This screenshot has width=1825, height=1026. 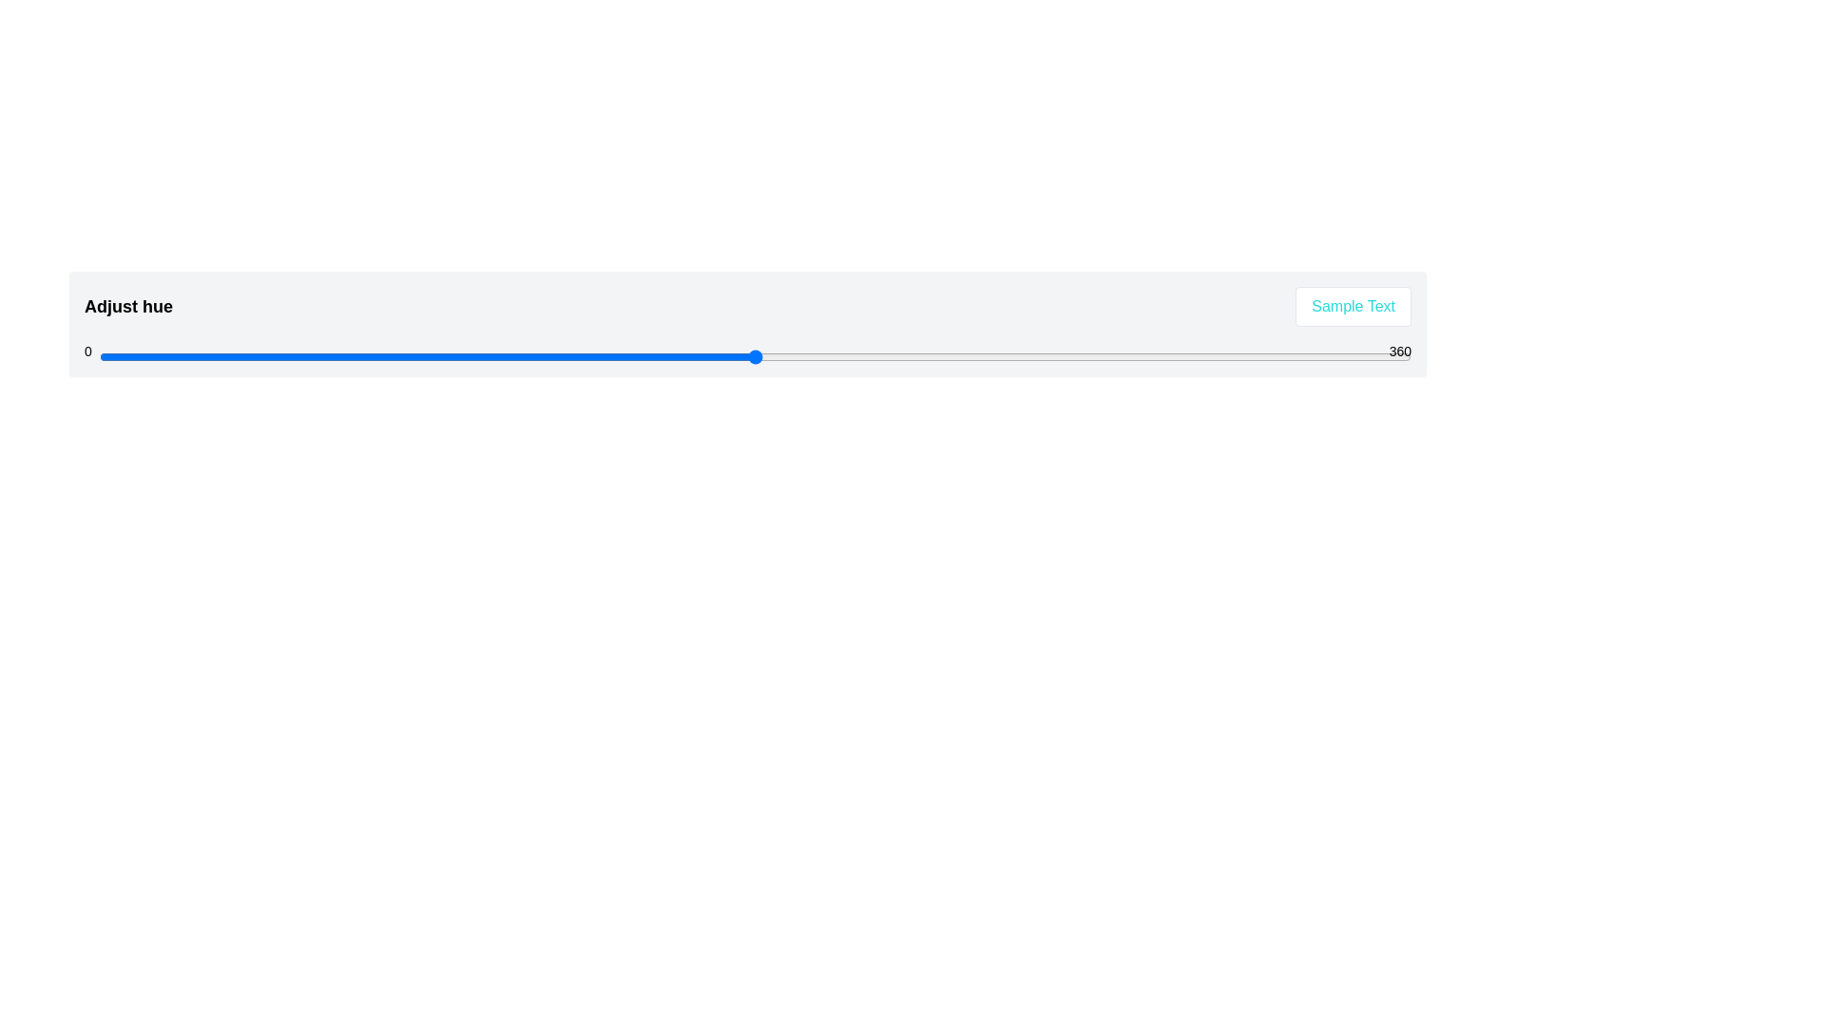 I want to click on the hue slider to set the hue value to 23, so click(x=183, y=356).